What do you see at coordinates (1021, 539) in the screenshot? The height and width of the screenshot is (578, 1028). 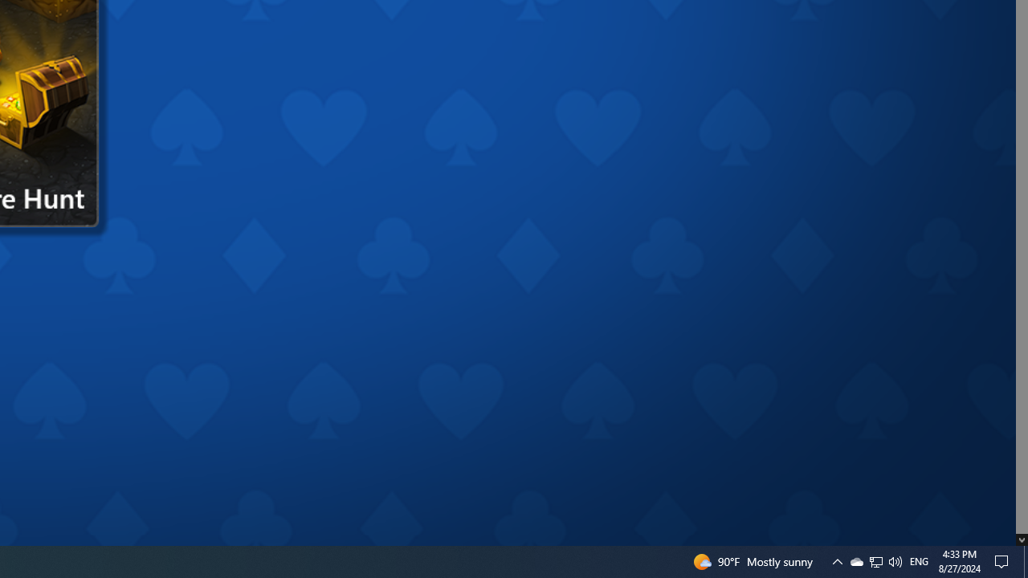 I see `'AutomationID: down_arrow_0'` at bounding box center [1021, 539].